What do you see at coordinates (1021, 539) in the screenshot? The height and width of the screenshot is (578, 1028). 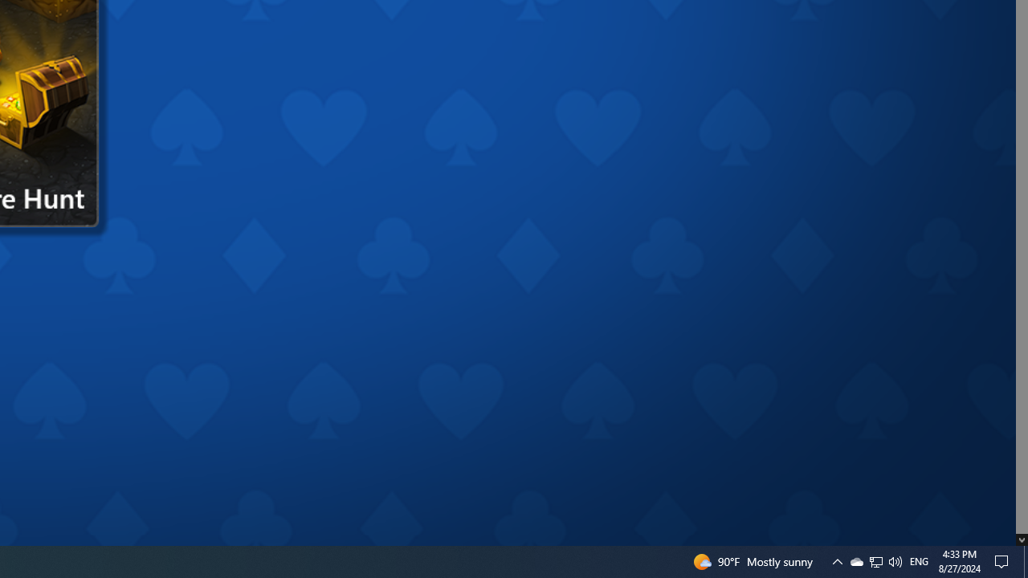 I see `'AutomationID: down_arrow_0'` at bounding box center [1021, 539].